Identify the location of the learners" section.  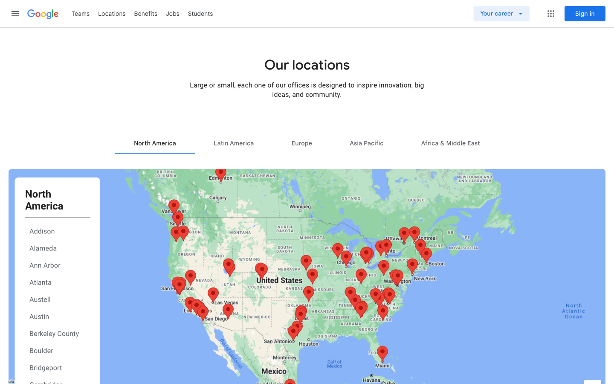
(200, 13).